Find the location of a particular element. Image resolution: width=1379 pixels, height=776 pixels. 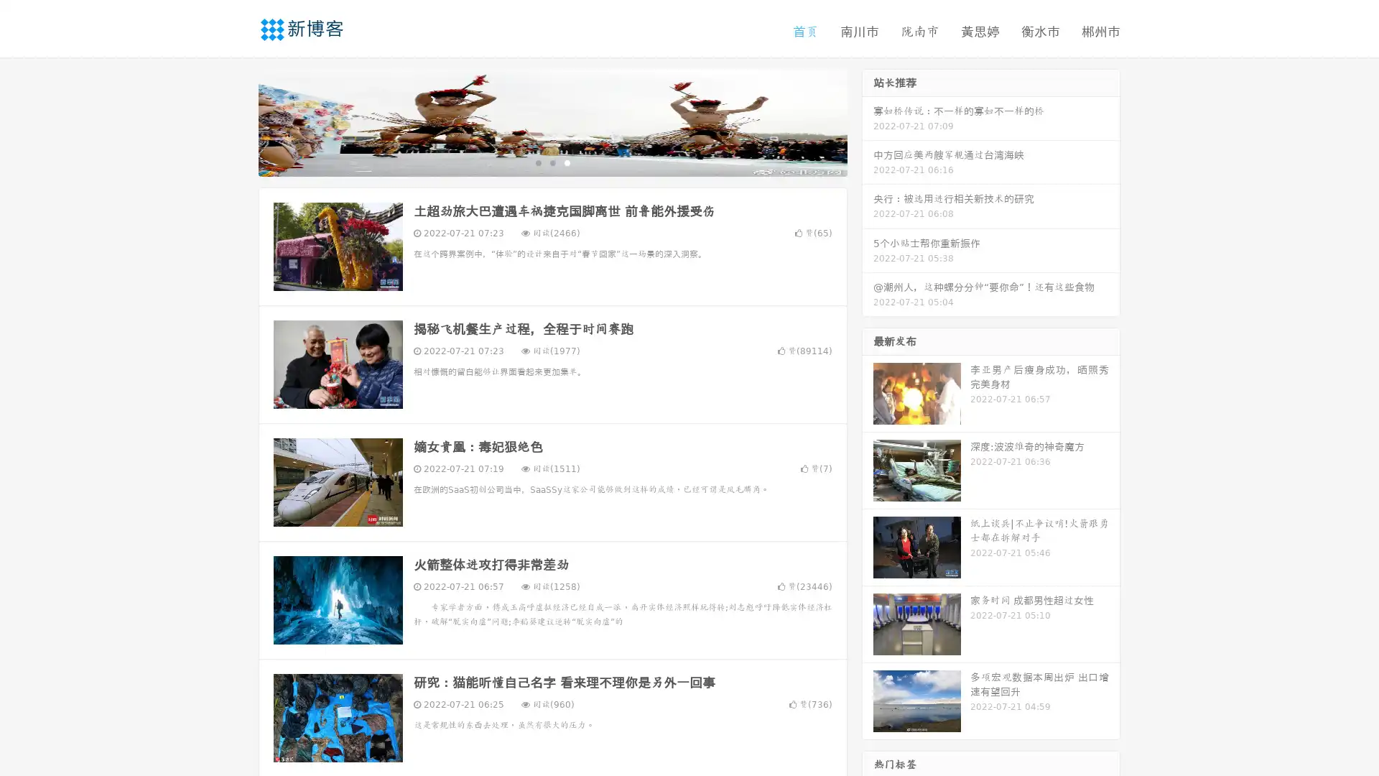

Go to slide 3 is located at coordinates (567, 162).